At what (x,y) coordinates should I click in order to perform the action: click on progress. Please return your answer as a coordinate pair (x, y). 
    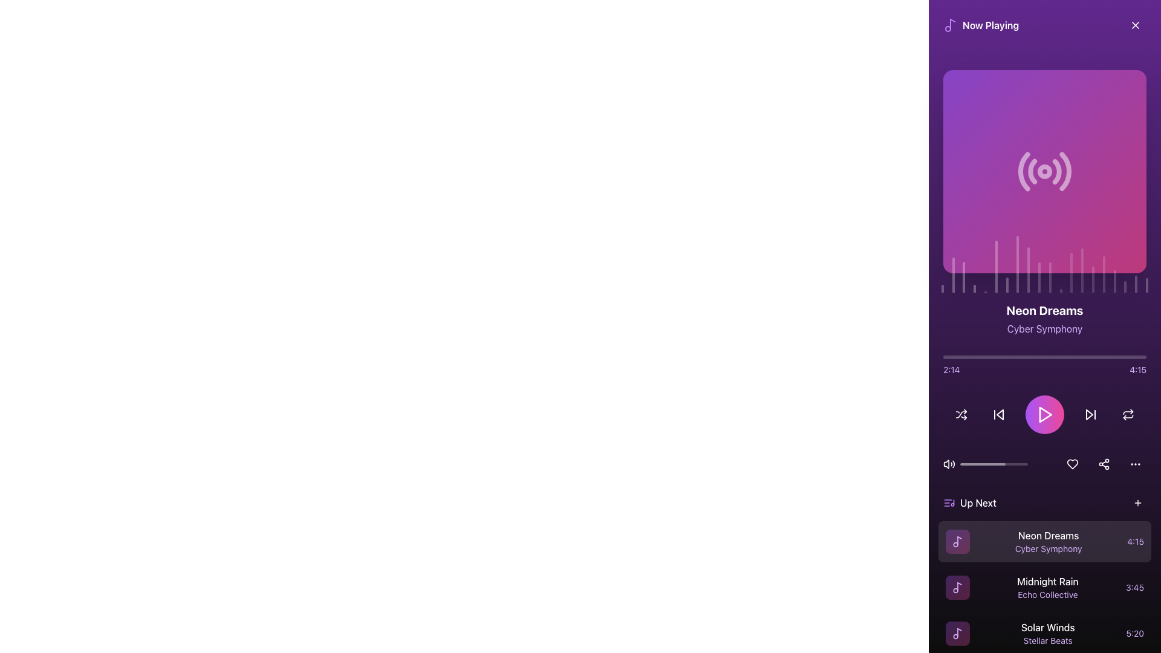
    Looking at the image, I should click on (1060, 356).